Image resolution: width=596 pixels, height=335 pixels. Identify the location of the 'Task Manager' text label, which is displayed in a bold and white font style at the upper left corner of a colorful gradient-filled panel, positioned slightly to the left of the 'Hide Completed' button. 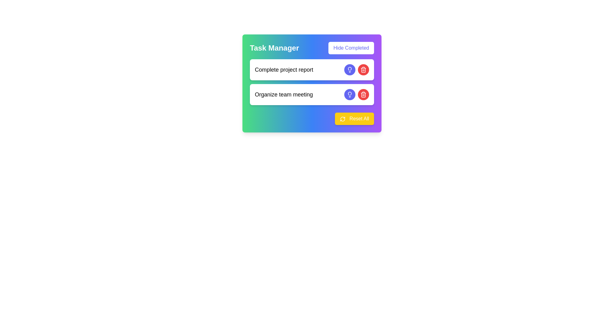
(274, 47).